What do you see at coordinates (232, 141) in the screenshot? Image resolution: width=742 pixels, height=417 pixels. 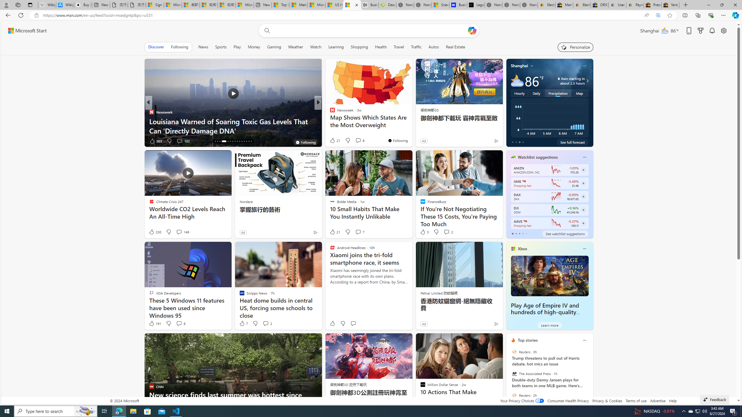 I see `'AutomationID: tab-22'` at bounding box center [232, 141].